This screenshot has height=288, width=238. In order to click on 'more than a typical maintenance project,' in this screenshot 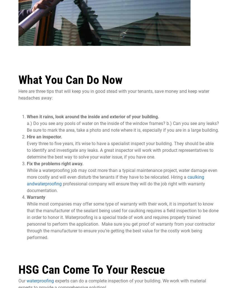, I will do `click(97, 170)`.